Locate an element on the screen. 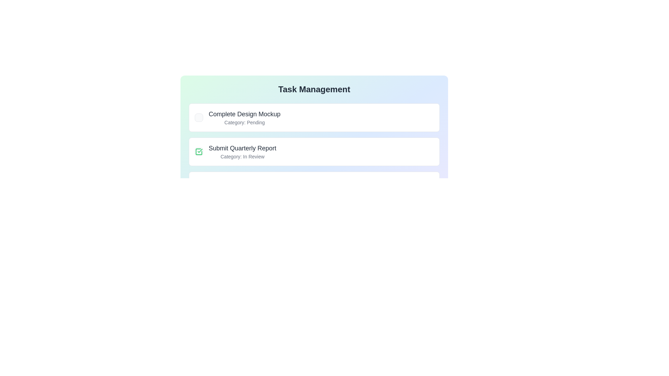 This screenshot has width=669, height=376. the green checkmark icon next to the 'Submit Quarterly Report' task is located at coordinates (236, 151).